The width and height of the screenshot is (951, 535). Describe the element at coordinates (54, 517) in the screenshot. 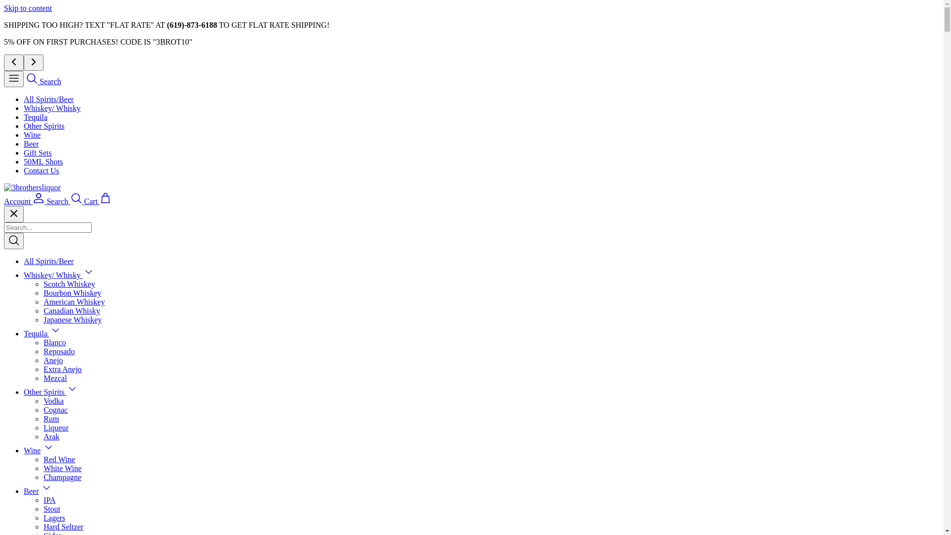

I see `'Lagers'` at that location.